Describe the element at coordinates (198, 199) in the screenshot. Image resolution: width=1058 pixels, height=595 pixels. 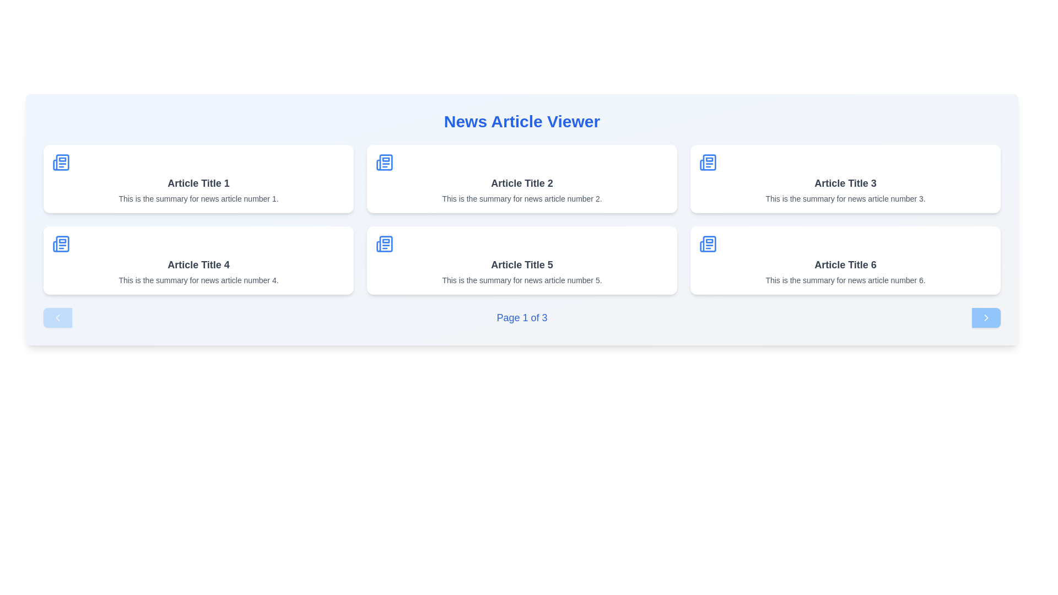
I see `the text block that contains 'This is the summary for news article number 1.' located below the title 'Article Title 1' in the first article card` at that location.